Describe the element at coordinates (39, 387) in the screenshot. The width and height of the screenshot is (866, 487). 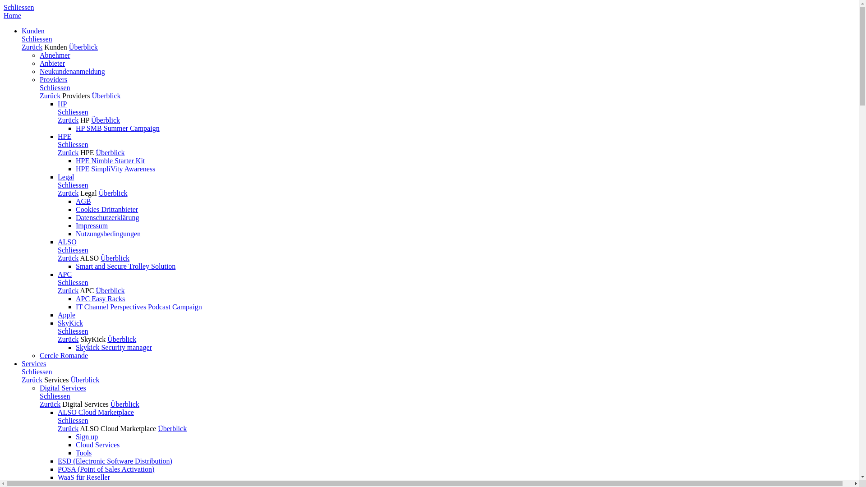
I see `'Digital Services'` at that location.